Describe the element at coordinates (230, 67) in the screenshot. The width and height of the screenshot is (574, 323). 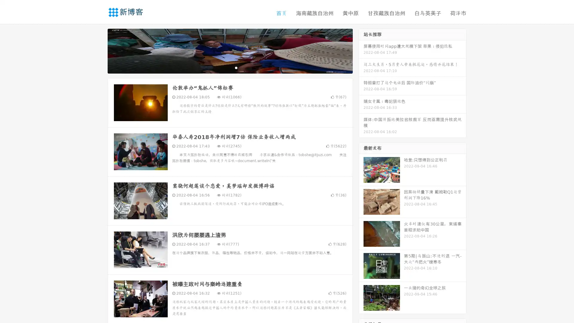
I see `Go to slide 2` at that location.